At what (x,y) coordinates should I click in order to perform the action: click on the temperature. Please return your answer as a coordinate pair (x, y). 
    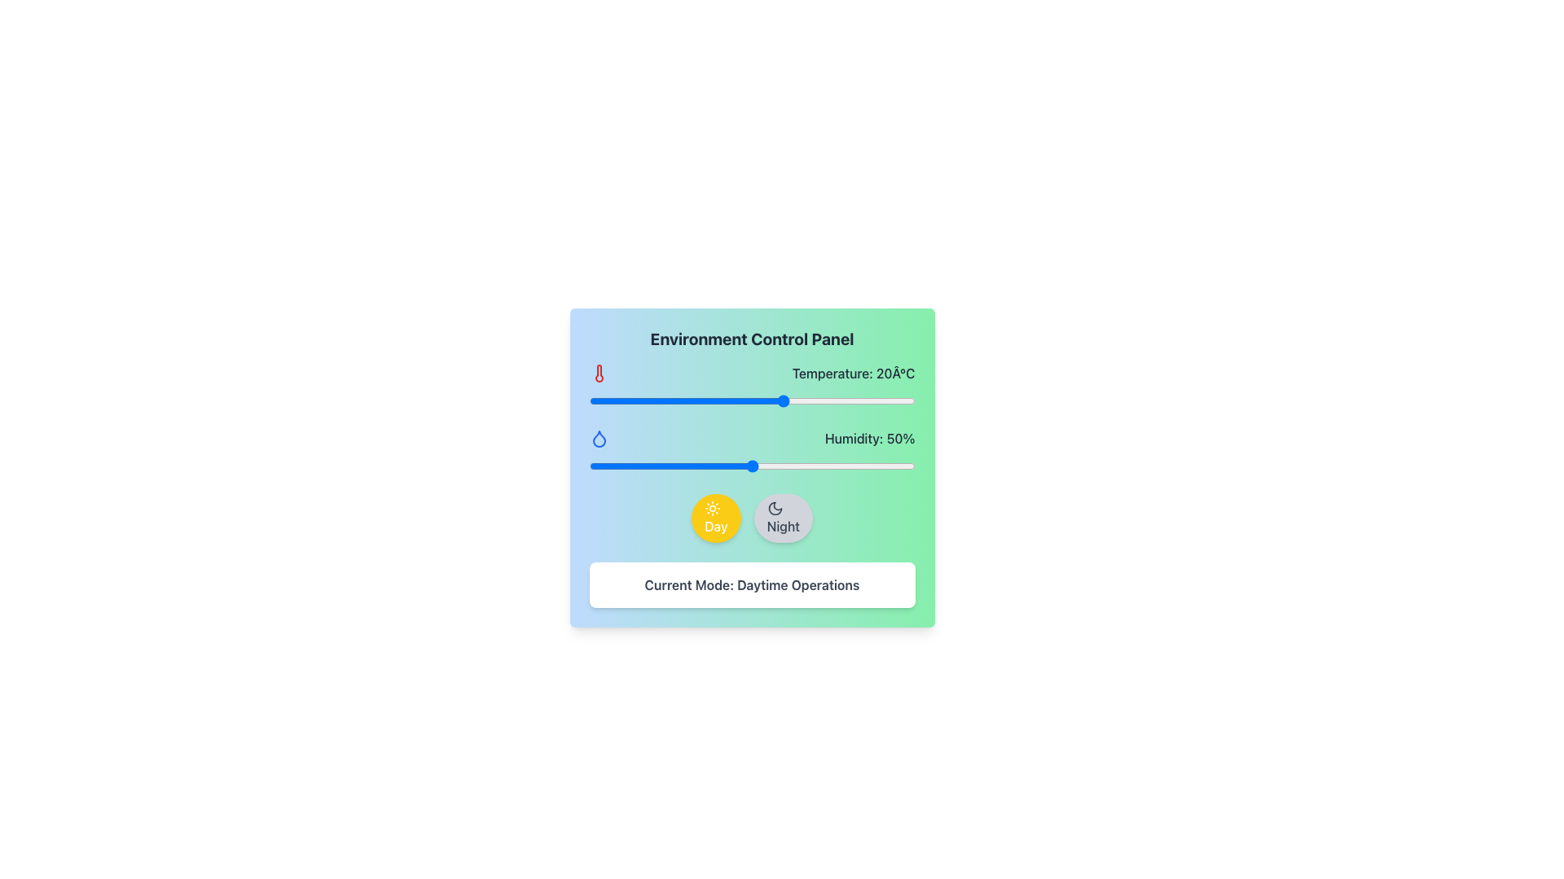
    Looking at the image, I should click on (667, 401).